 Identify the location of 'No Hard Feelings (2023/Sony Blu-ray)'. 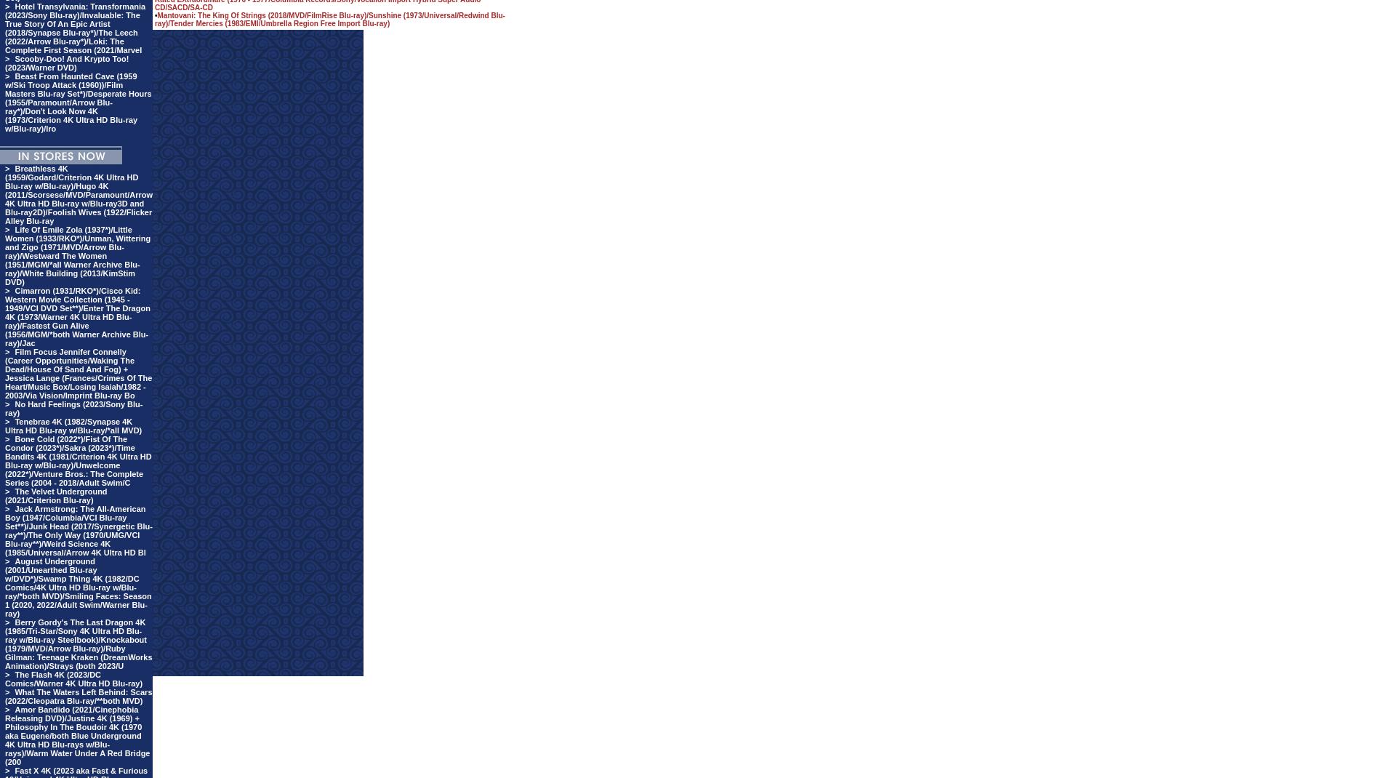
(73, 407).